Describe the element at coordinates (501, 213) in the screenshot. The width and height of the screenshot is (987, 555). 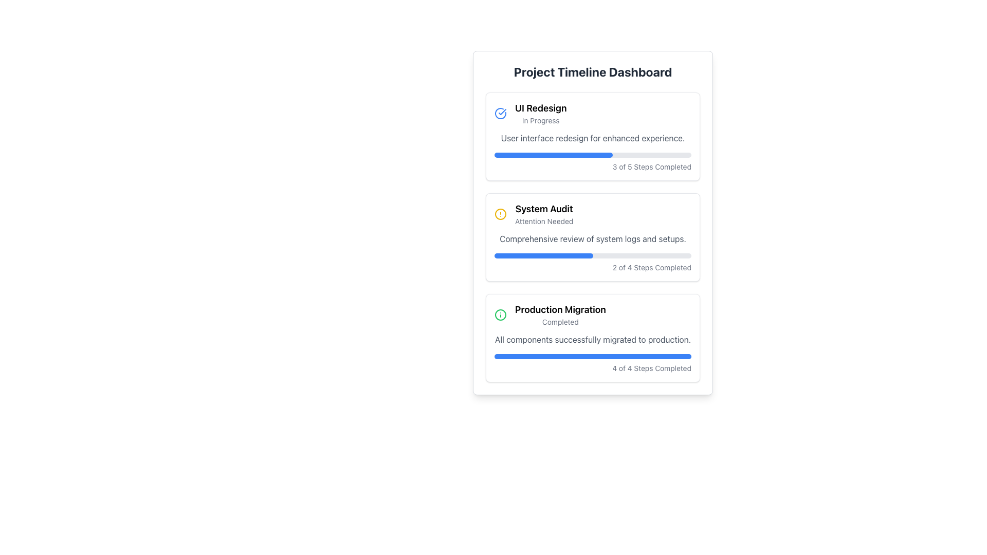
I see `the yellow circle inside the circular alert icon, which is styled with a thin stroke and sharp edges` at that location.